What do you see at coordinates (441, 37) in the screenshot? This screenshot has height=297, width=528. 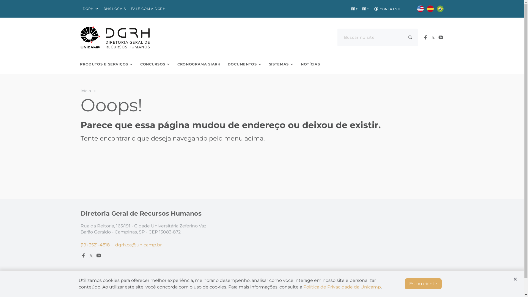 I see `'Link para o Youtube'` at bounding box center [441, 37].